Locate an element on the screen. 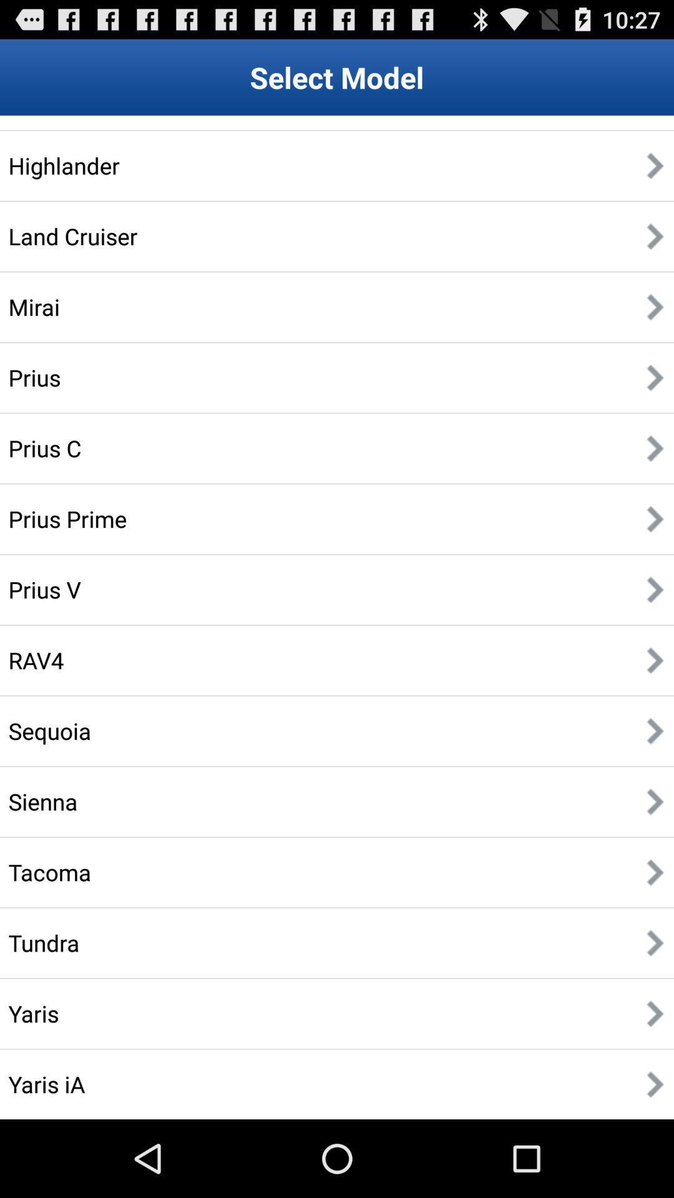 This screenshot has width=674, height=1198. the button on the right next to the button sienna on the web page is located at coordinates (655, 802).